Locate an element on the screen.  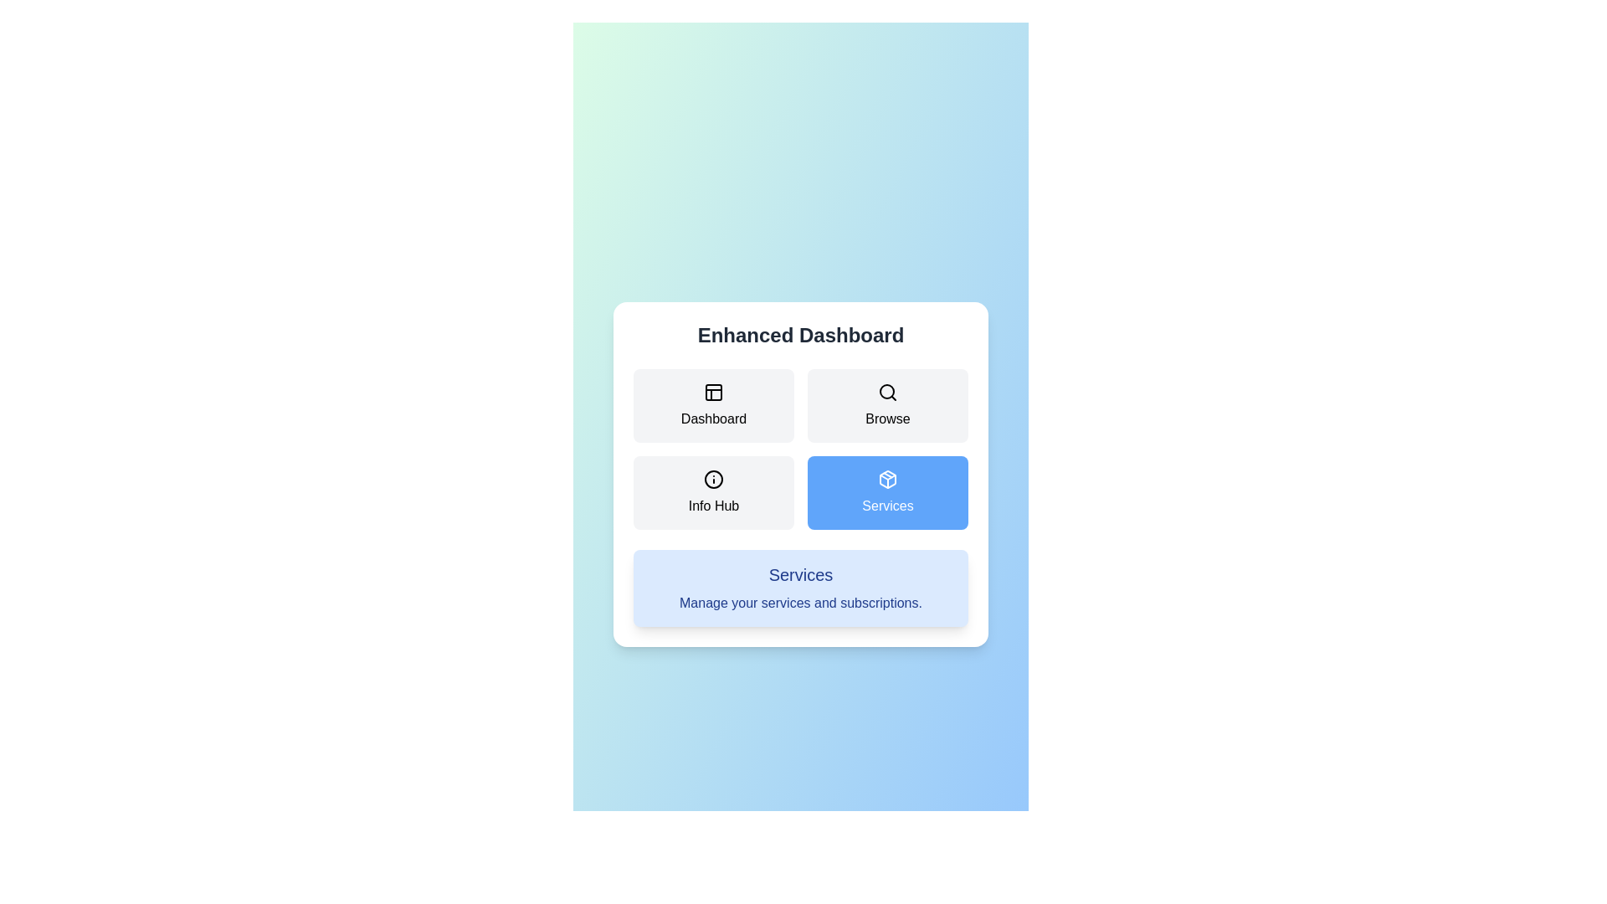
the Browse tab by clicking on its button is located at coordinates (886, 406).